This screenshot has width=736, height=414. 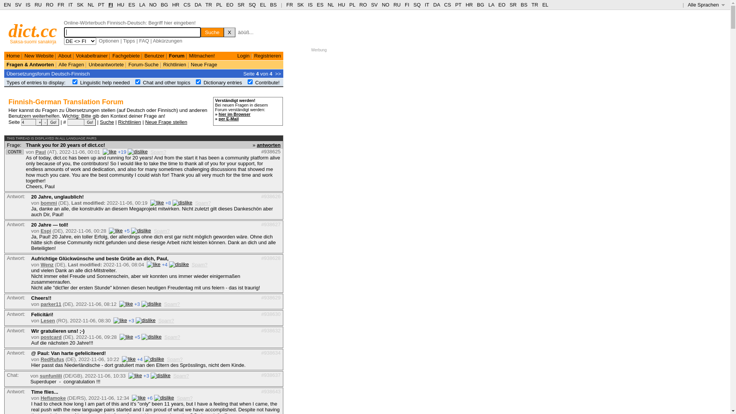 What do you see at coordinates (243, 55) in the screenshot?
I see `'Login'` at bounding box center [243, 55].